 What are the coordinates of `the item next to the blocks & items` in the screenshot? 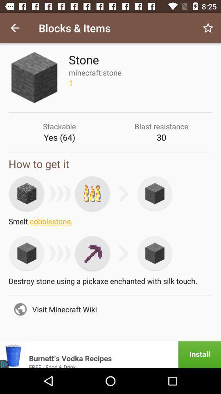 It's located at (15, 28).